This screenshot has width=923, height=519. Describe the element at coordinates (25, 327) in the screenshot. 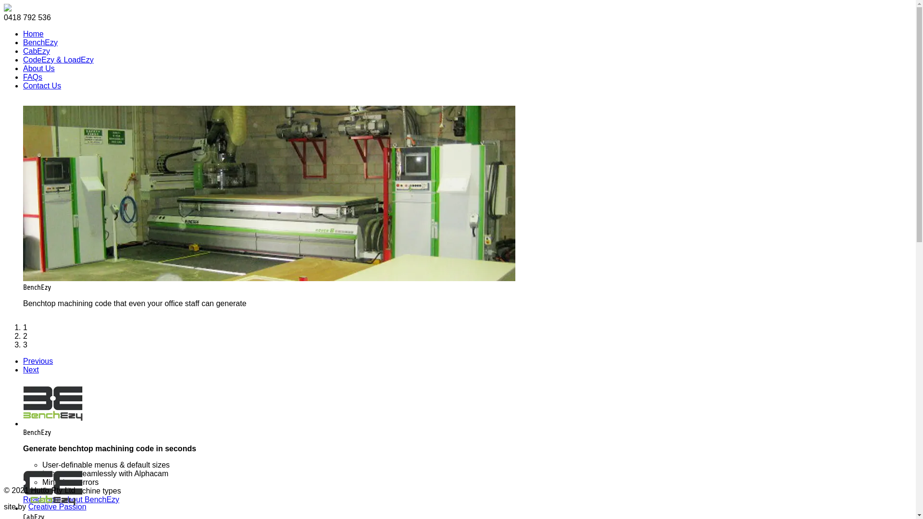

I see `'1'` at that location.